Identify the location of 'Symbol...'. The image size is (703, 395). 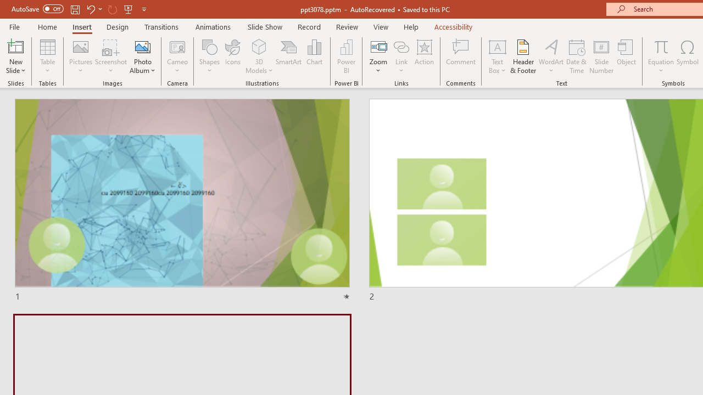
(687, 57).